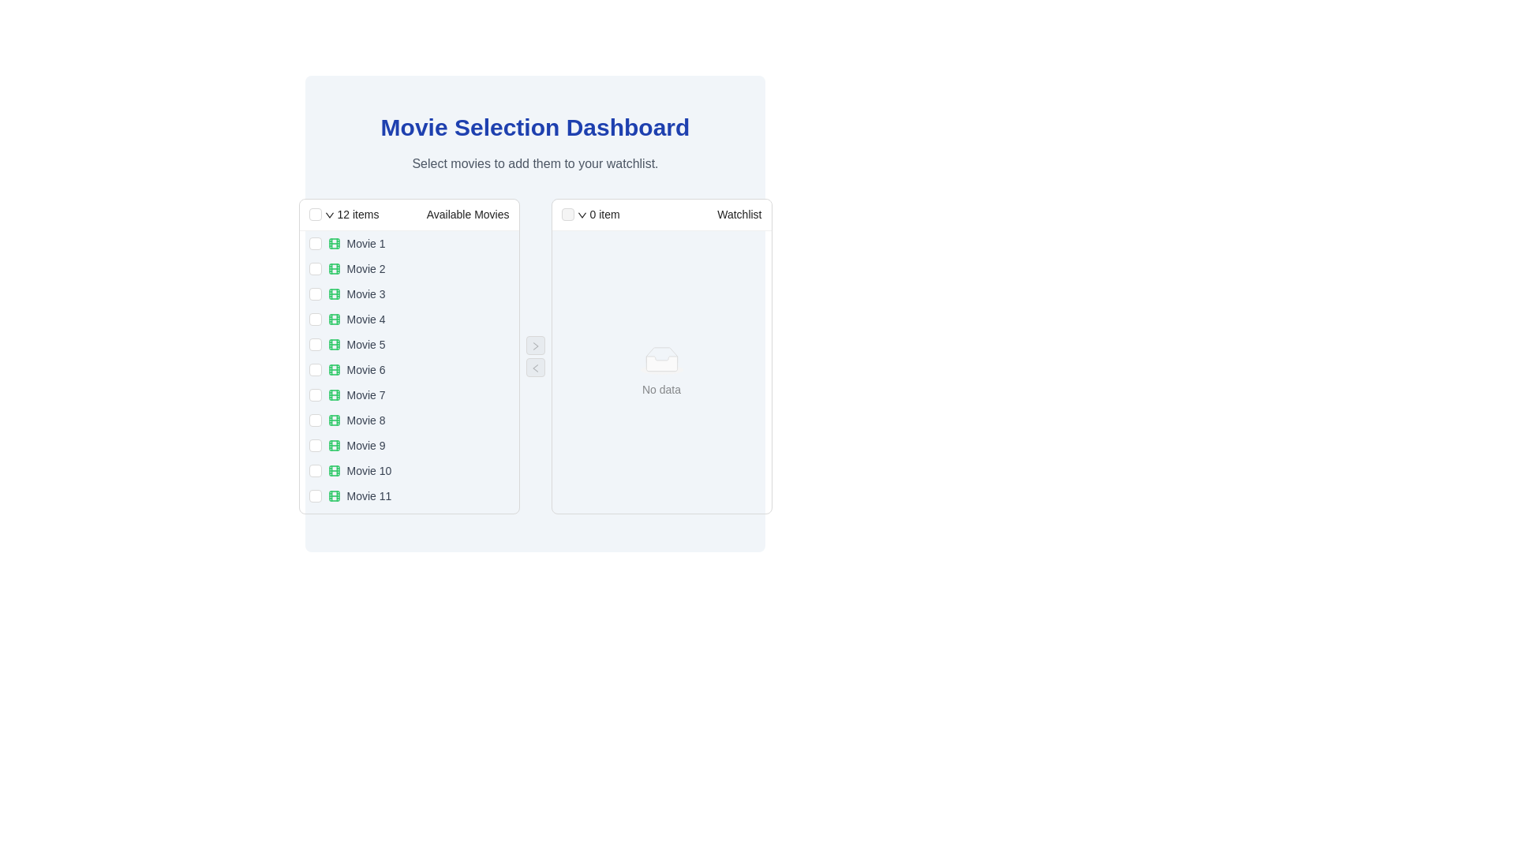 This screenshot has width=1515, height=852. What do you see at coordinates (409, 356) in the screenshot?
I see `the checkbox next to an item in the 'Available Movies' selection list` at bounding box center [409, 356].